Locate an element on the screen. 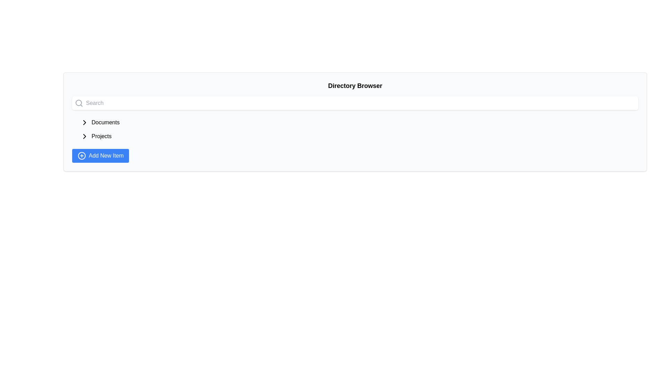 The width and height of the screenshot is (666, 374). the toggle button is located at coordinates (84, 122).